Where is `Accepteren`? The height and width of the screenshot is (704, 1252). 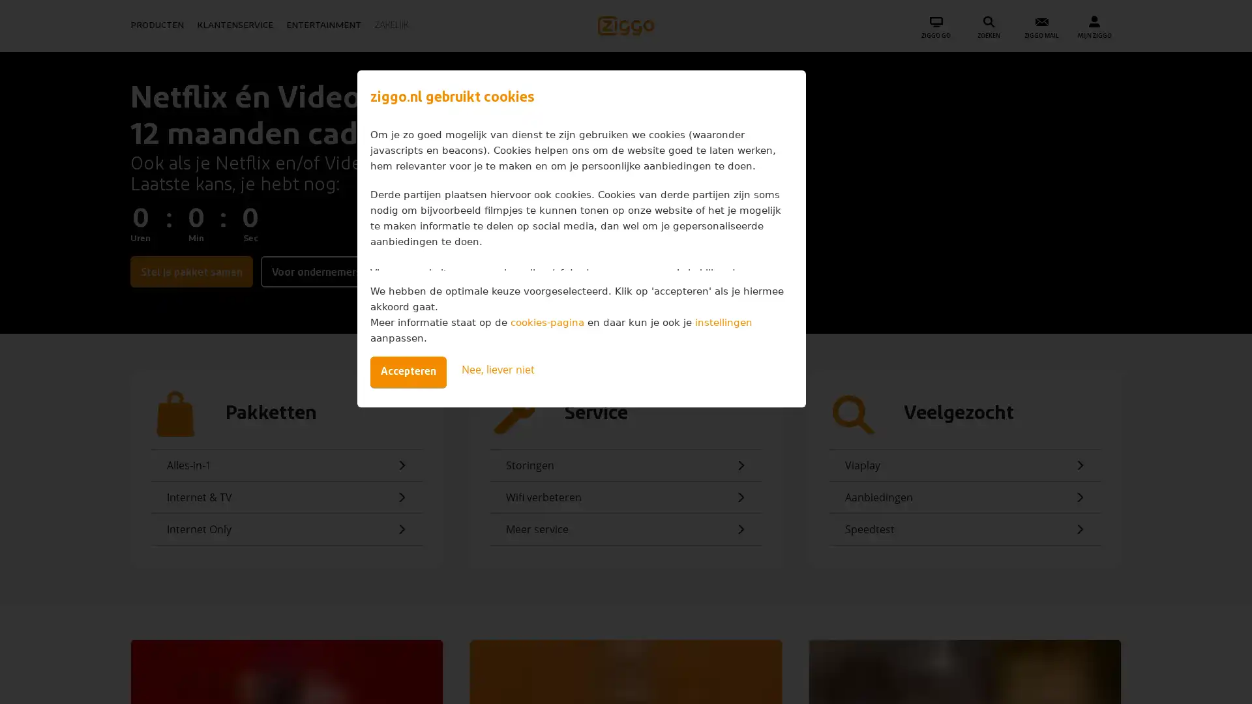
Accepteren is located at coordinates (407, 372).